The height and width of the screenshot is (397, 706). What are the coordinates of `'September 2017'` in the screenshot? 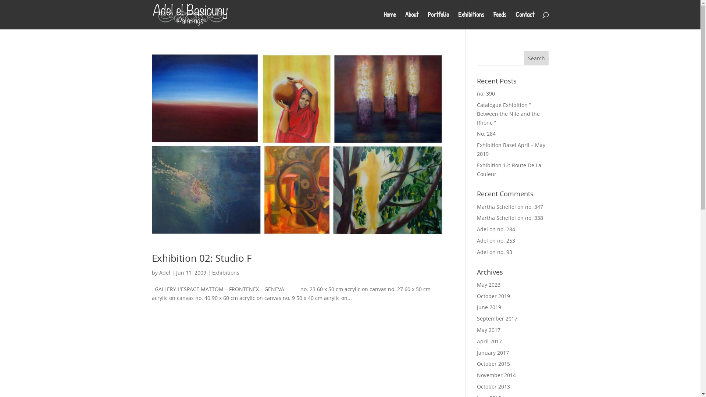 It's located at (497, 318).